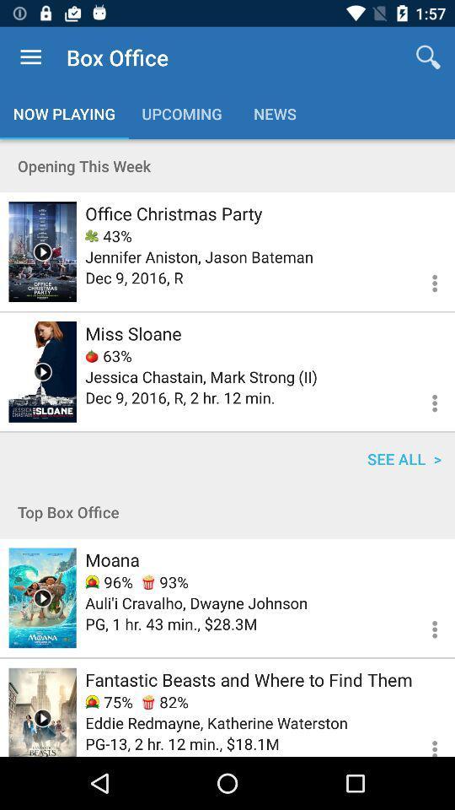 Image resolution: width=455 pixels, height=810 pixels. I want to click on show options, so click(424, 281).